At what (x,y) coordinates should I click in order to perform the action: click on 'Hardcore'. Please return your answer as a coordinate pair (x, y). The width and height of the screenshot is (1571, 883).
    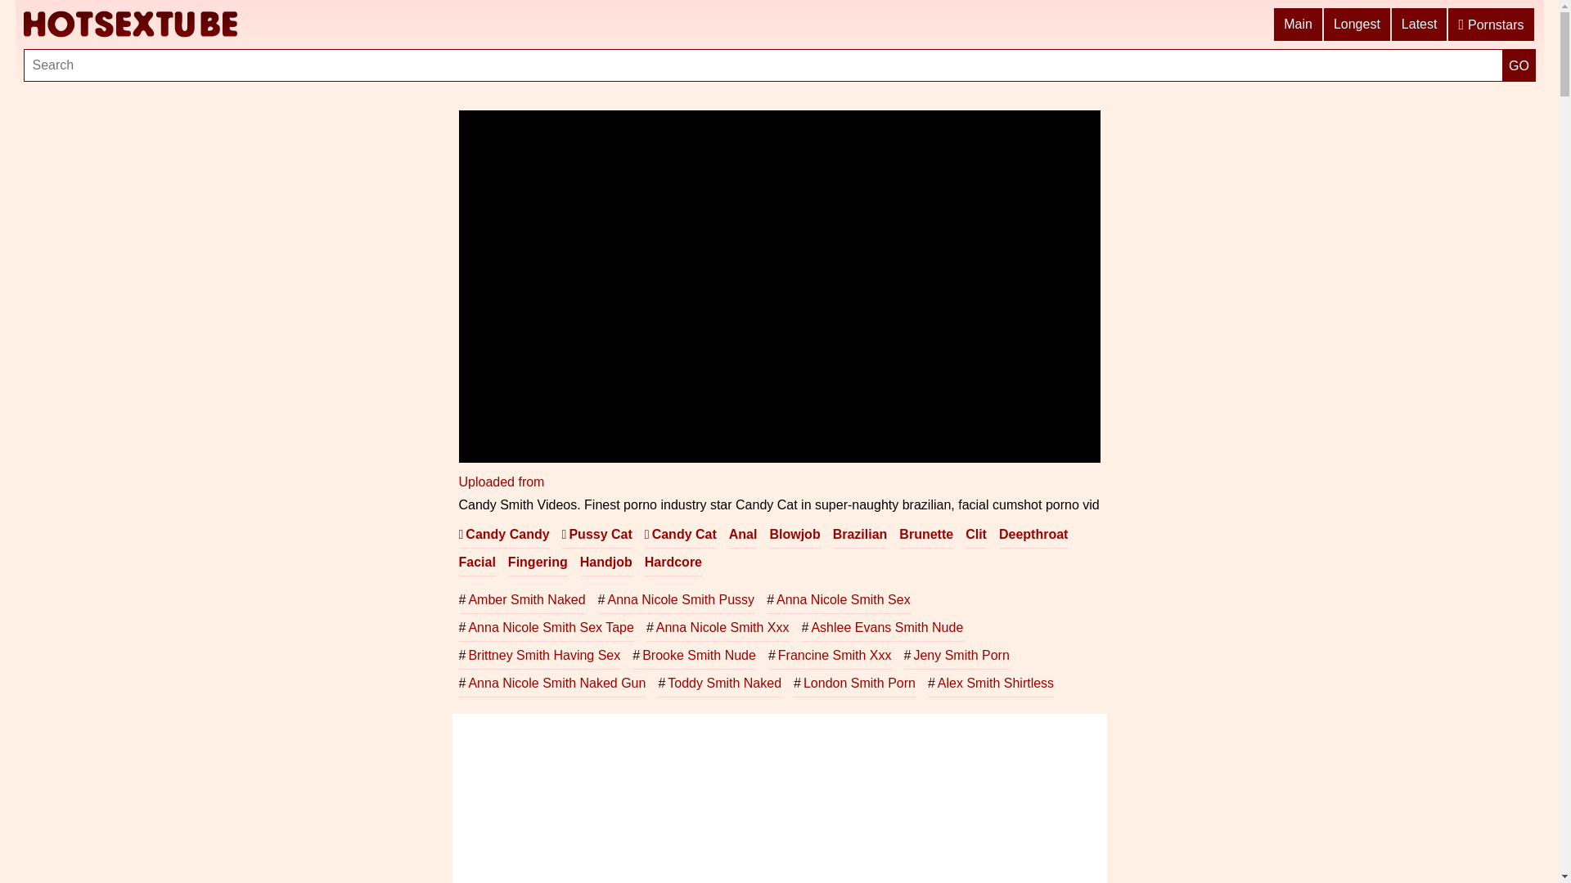
    Looking at the image, I should click on (643, 561).